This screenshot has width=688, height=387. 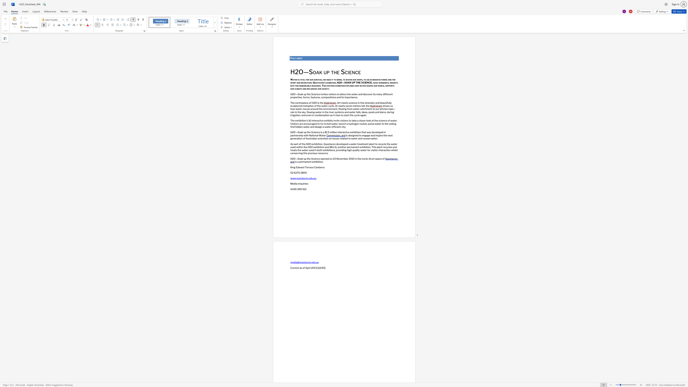 What do you see at coordinates (355, 82) in the screenshot?
I see `the subset text "THE S" within the text "H2O—SOAK UP THE SCIENCE"` at bounding box center [355, 82].